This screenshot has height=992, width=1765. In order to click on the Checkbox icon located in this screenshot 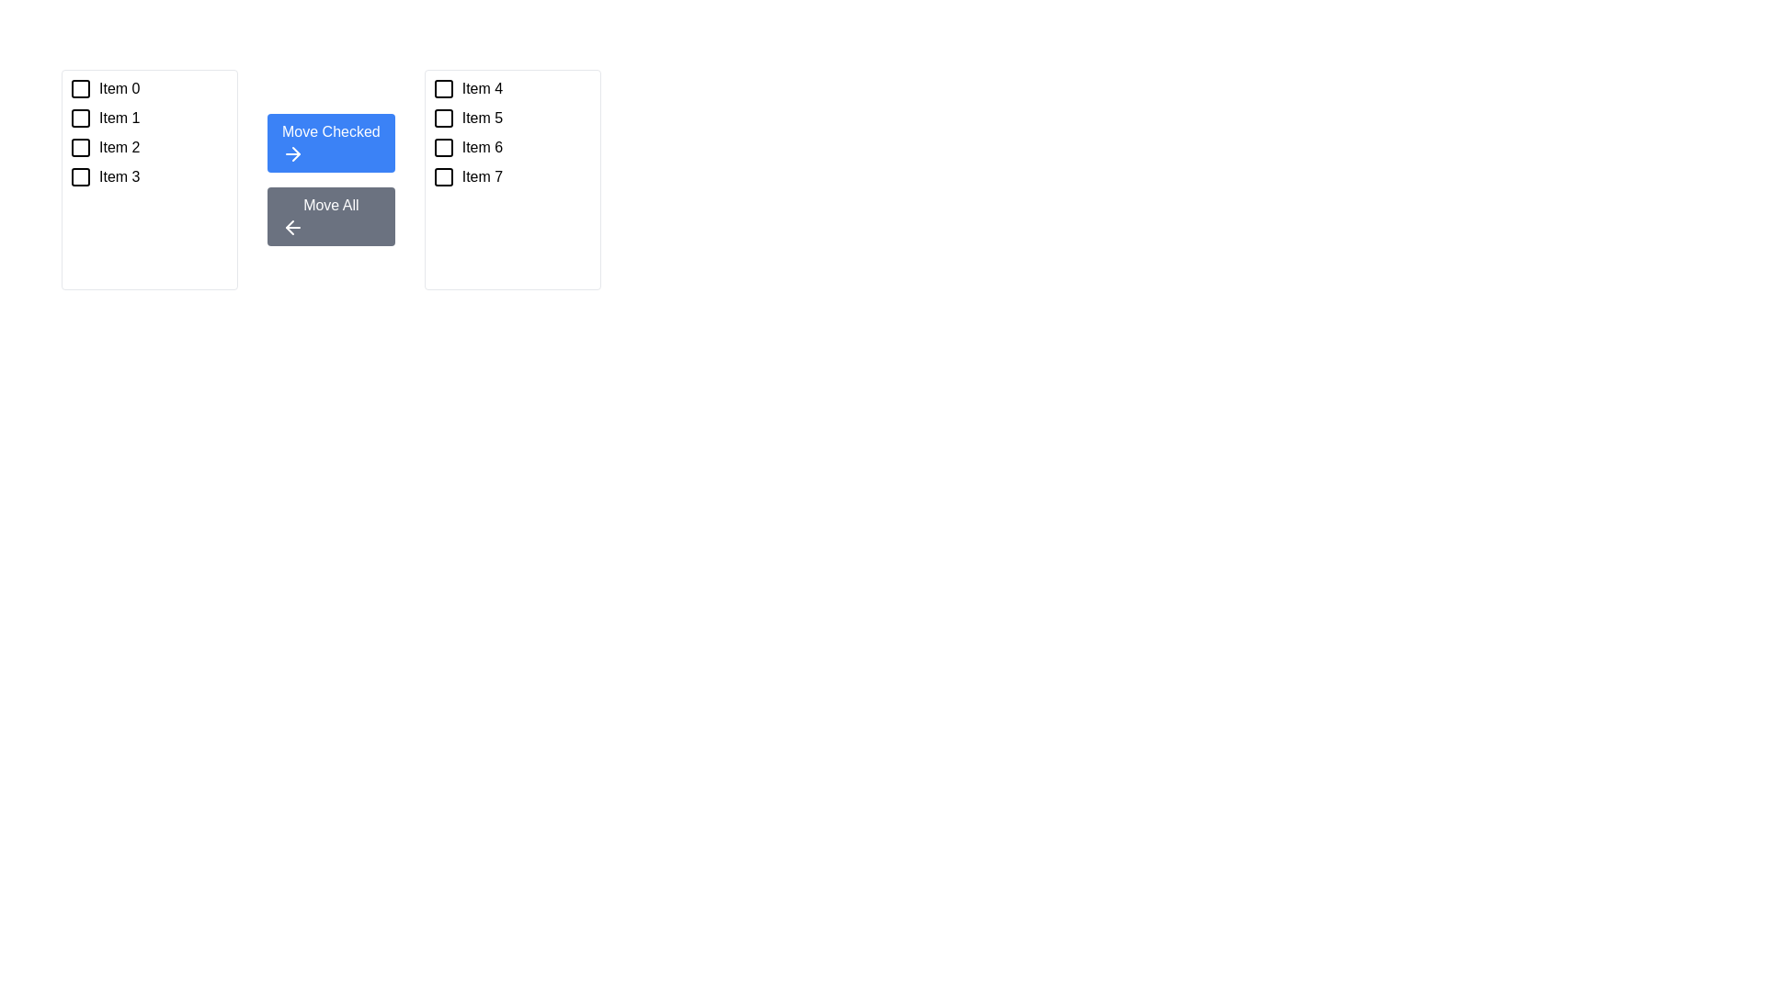, I will do `click(443, 88)`.